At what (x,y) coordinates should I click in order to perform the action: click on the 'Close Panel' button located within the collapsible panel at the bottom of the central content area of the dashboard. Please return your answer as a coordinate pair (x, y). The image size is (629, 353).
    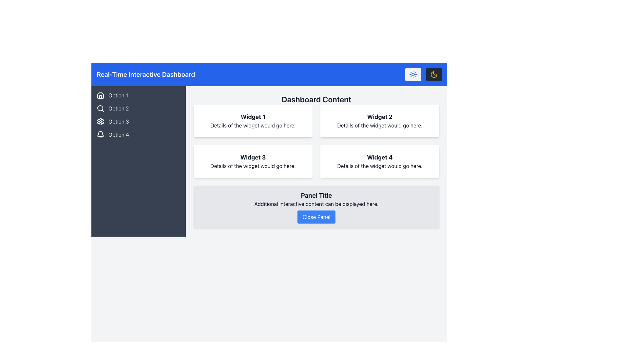
    Looking at the image, I should click on (316, 207).